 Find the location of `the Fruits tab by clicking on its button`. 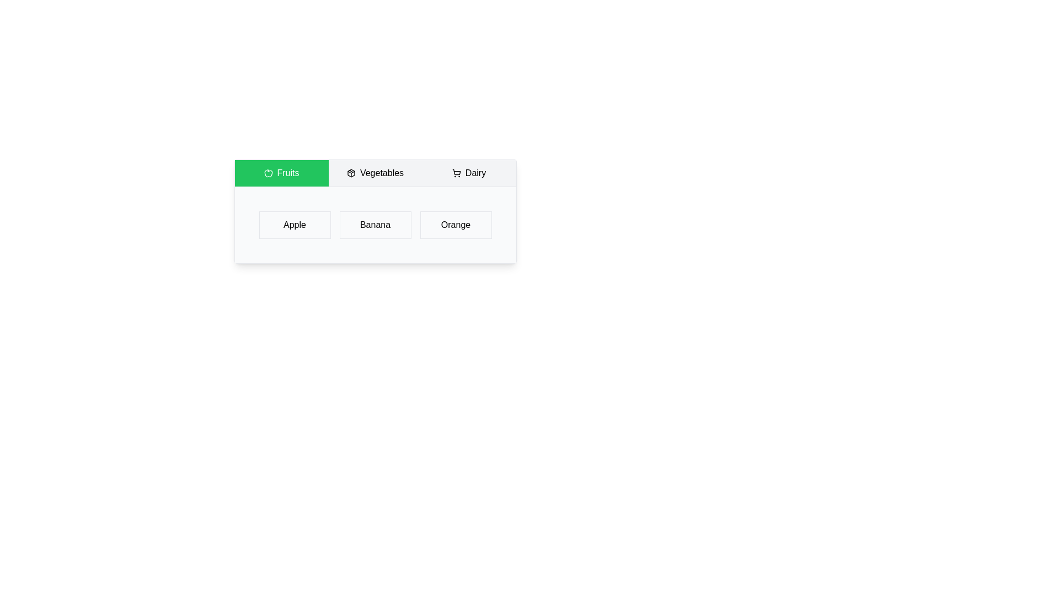

the Fruits tab by clicking on its button is located at coordinates (281, 173).